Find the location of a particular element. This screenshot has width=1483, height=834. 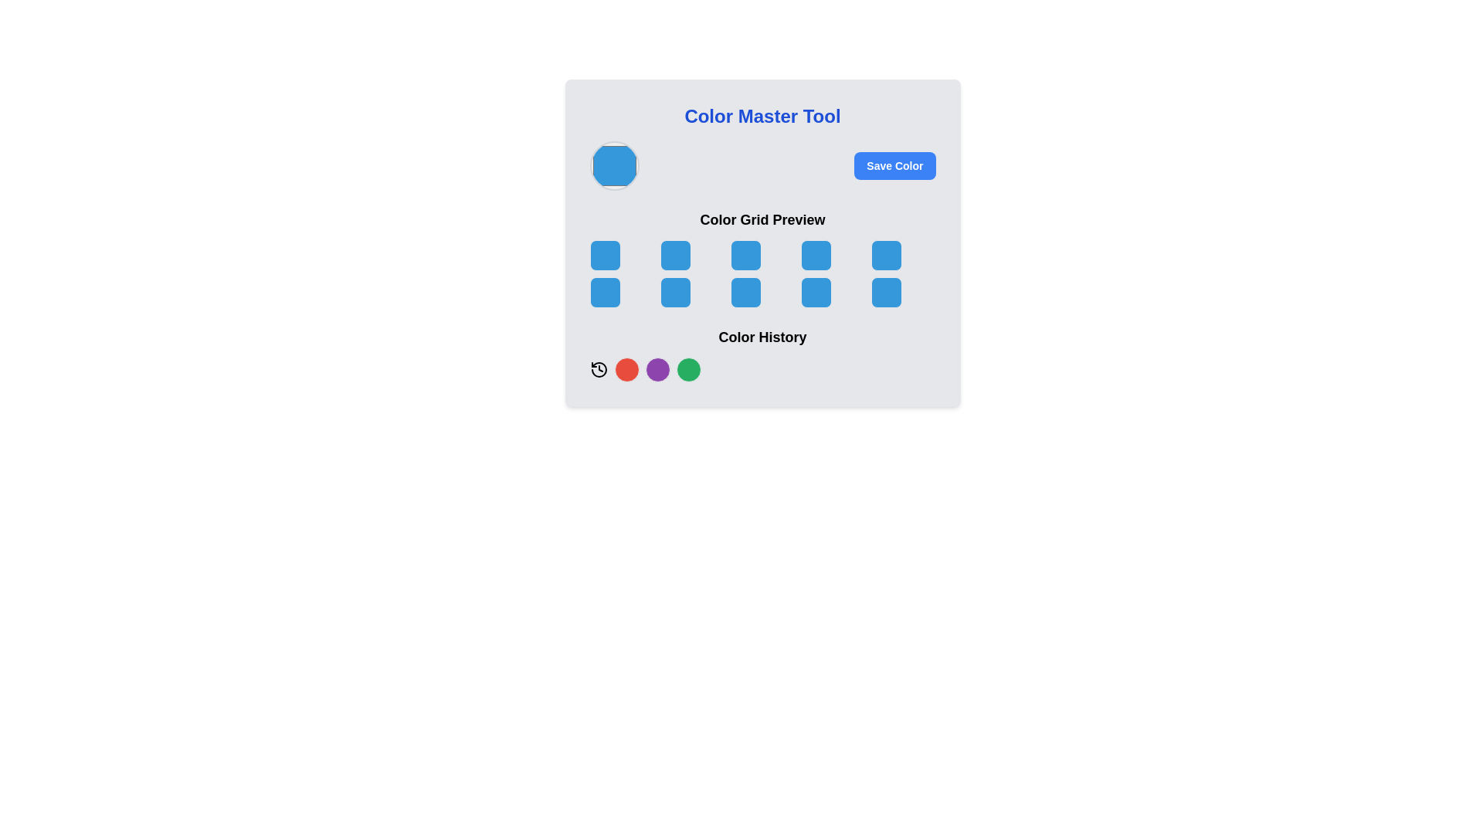

the square button-like UI component styled as a blue box located in the second row, second column of the grid is located at coordinates (675, 292).